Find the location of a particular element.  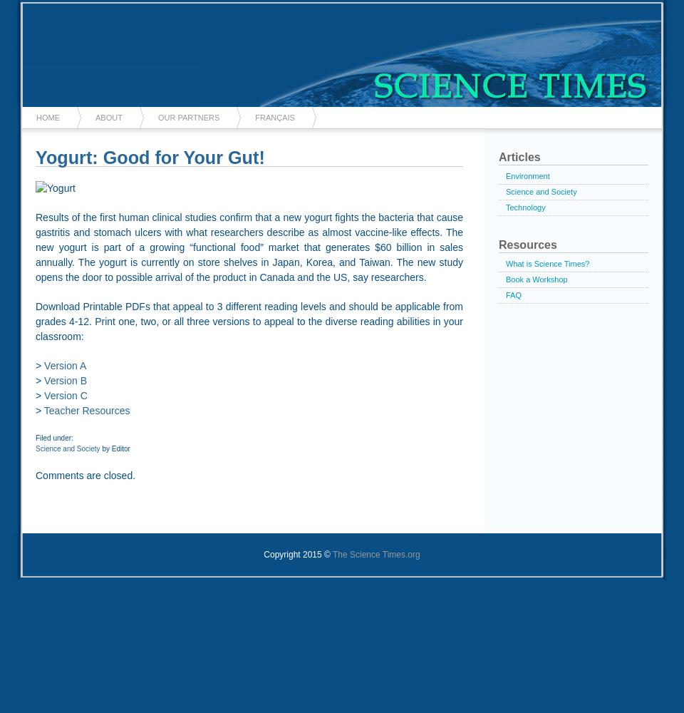

'Resources' is located at coordinates (527, 244).